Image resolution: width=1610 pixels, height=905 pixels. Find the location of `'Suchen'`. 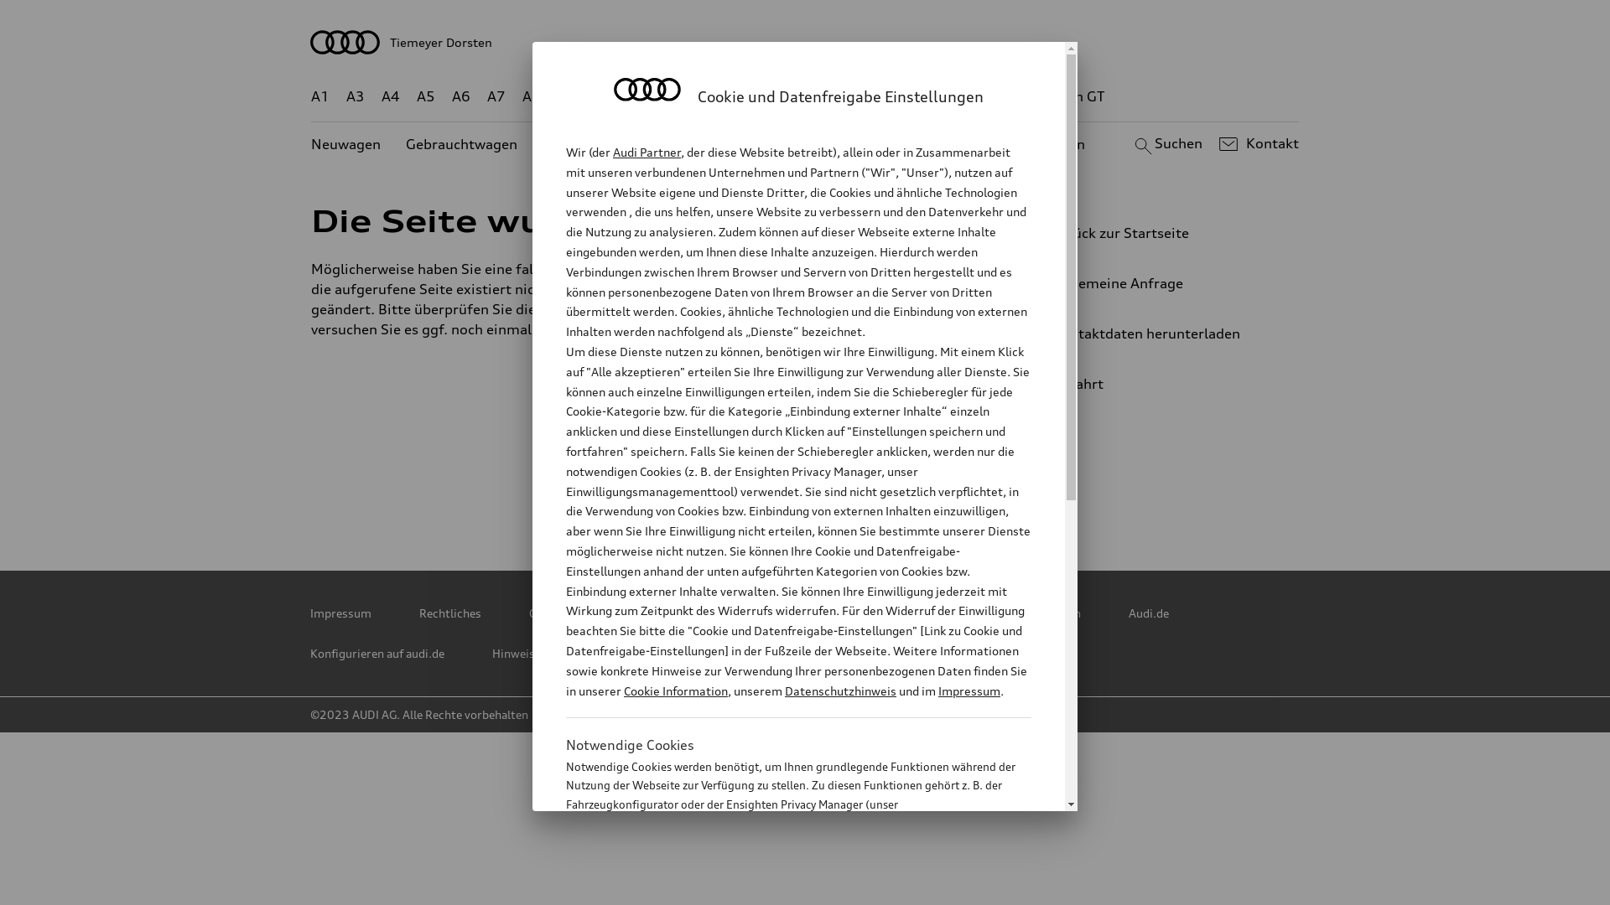

'Suchen' is located at coordinates (1165, 143).